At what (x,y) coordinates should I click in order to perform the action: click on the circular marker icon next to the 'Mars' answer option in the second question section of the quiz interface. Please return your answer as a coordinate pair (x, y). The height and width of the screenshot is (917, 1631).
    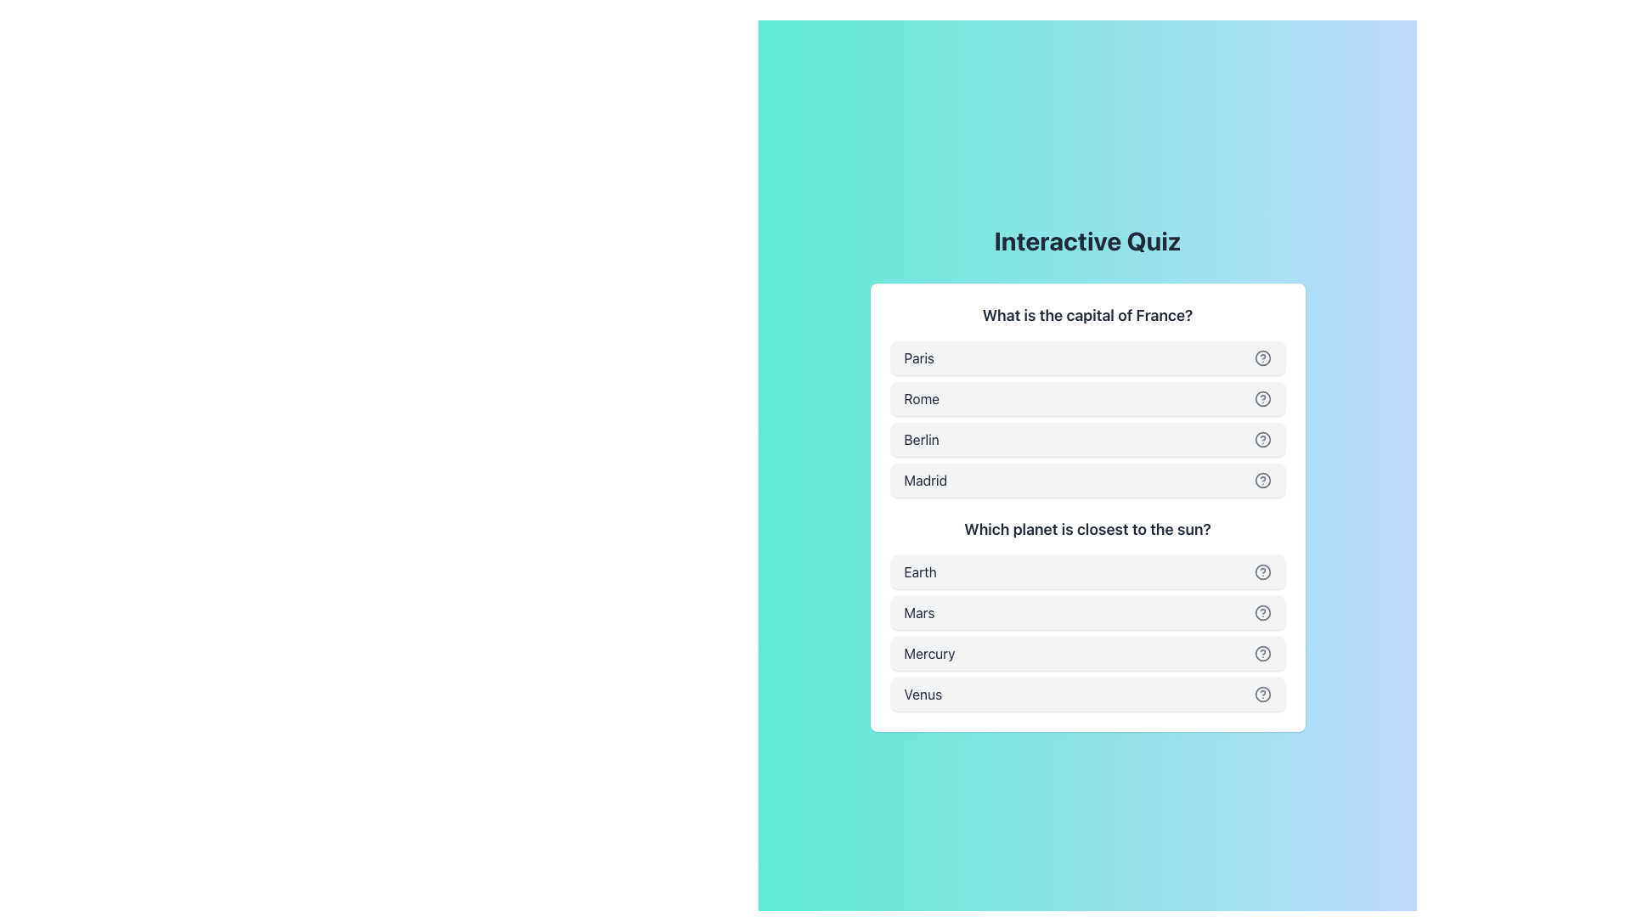
    Looking at the image, I should click on (1262, 612).